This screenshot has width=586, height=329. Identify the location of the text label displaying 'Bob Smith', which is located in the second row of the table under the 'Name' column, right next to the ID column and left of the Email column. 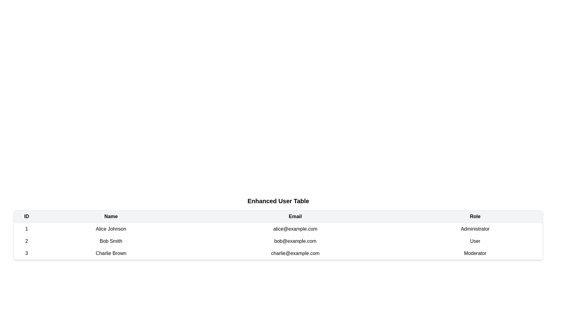
(111, 241).